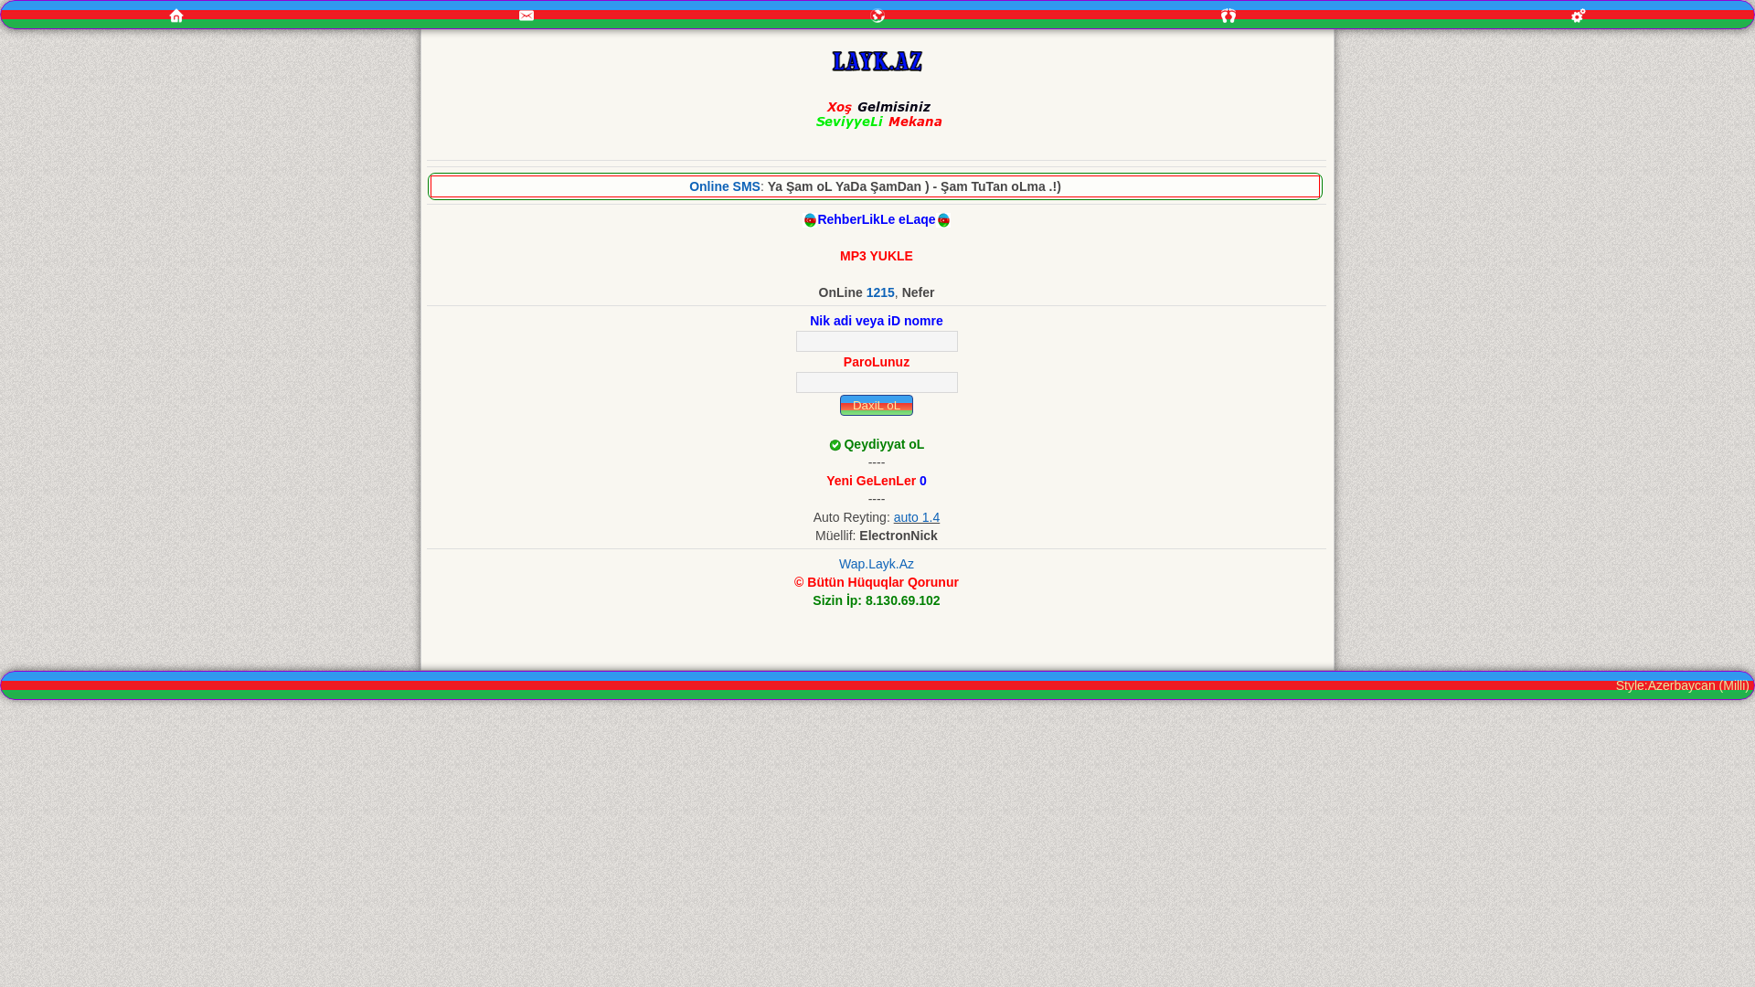 This screenshot has height=987, width=1755. What do you see at coordinates (842, 444) in the screenshot?
I see `'Qeydiyyat oL'` at bounding box center [842, 444].